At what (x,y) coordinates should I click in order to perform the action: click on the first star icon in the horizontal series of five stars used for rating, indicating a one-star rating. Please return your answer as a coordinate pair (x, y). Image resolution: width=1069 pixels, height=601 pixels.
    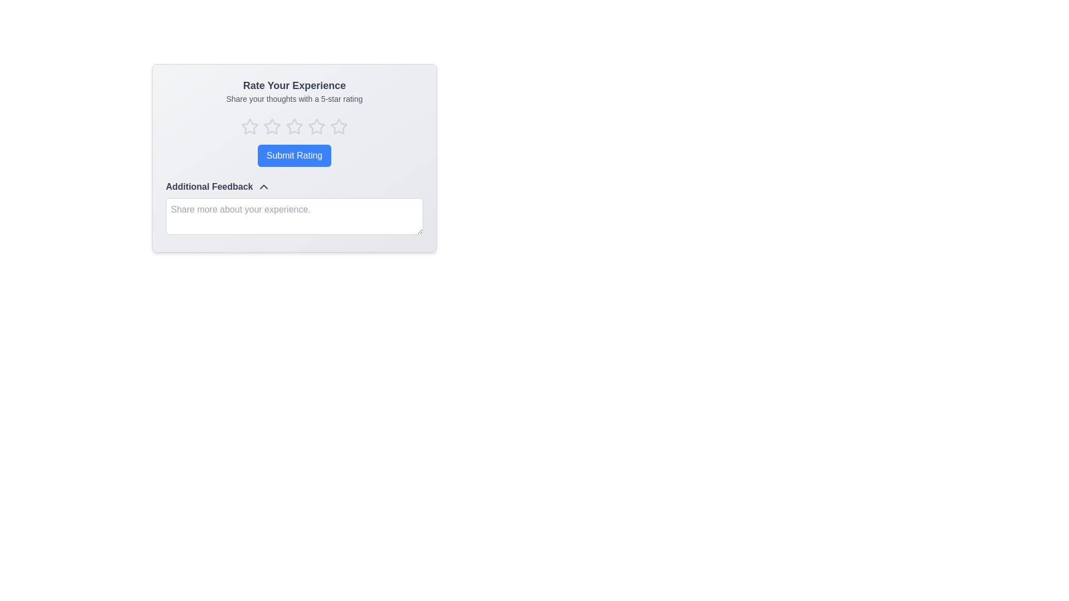
    Looking at the image, I should click on (249, 126).